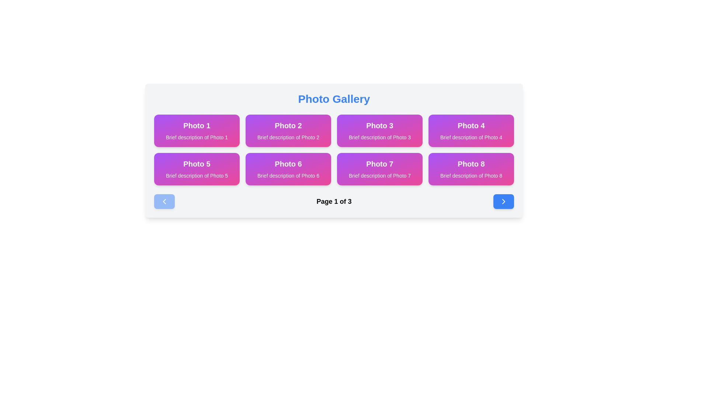 The width and height of the screenshot is (708, 398). What do you see at coordinates (197, 130) in the screenshot?
I see `the rectangular card with a gradient background from purple to pink, featuring the text 'Photo 1' in bold and large font` at bounding box center [197, 130].